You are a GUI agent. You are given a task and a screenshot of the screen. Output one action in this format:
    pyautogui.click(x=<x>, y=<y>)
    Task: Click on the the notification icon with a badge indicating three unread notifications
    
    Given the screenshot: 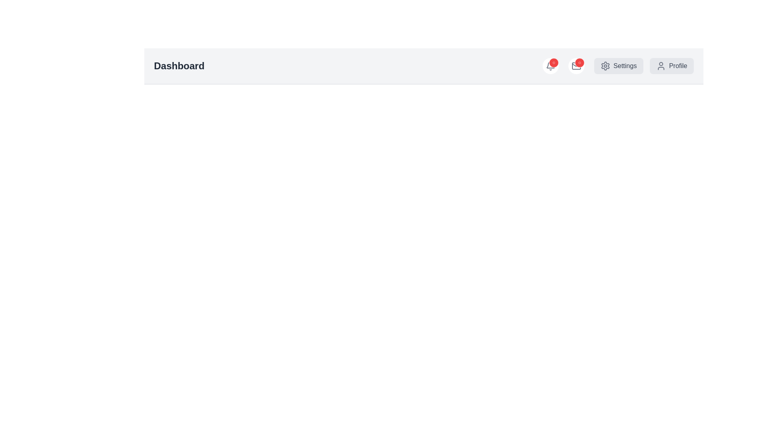 What is the action you would take?
    pyautogui.click(x=550, y=66)
    